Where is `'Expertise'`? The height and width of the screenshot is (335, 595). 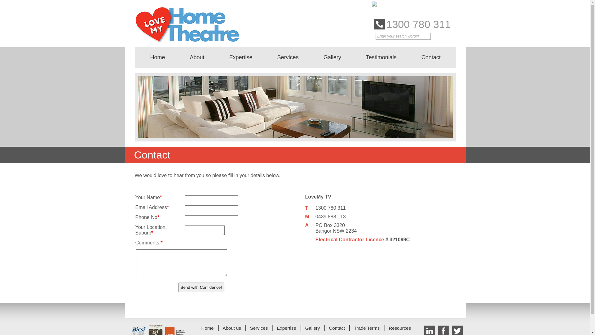
'Expertise' is located at coordinates (286, 328).